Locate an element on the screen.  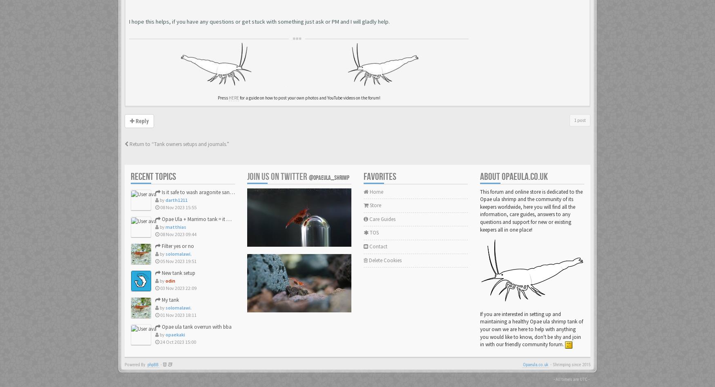
'Press' is located at coordinates (222, 97).